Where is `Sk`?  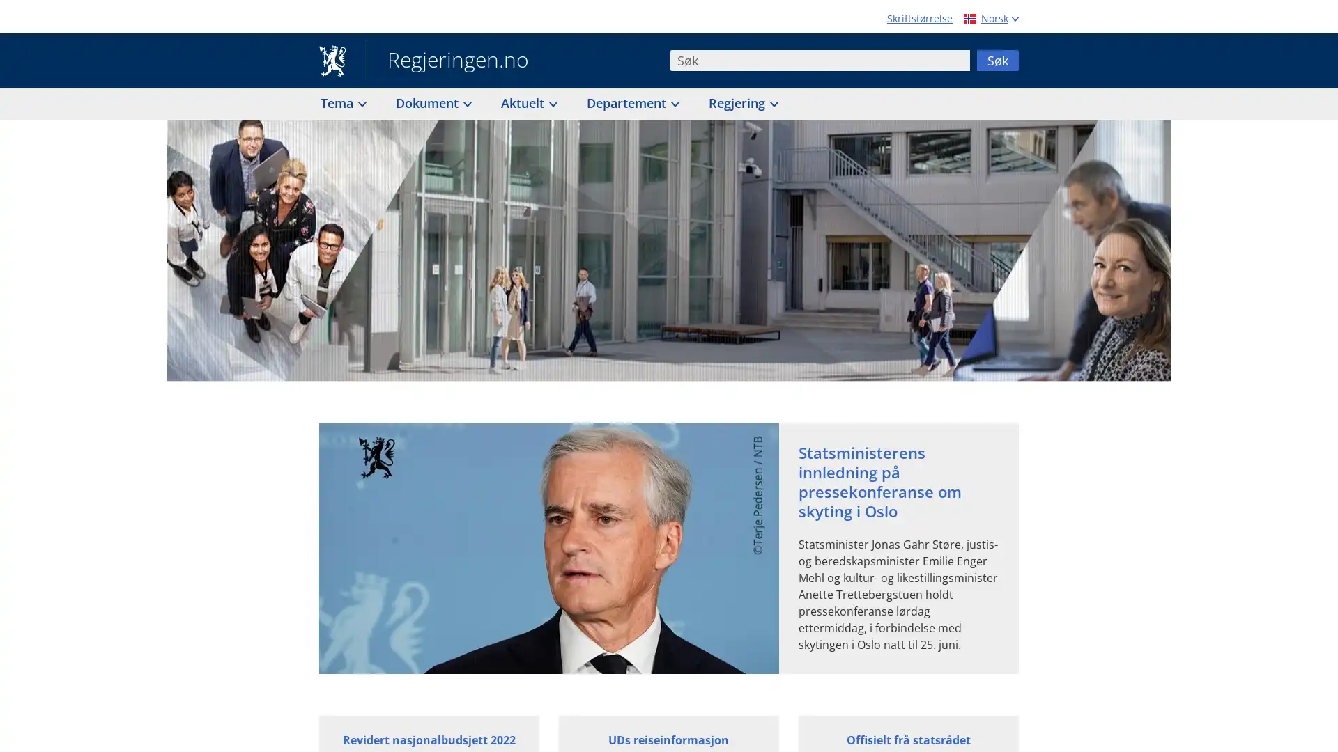 Sk is located at coordinates (997, 58).